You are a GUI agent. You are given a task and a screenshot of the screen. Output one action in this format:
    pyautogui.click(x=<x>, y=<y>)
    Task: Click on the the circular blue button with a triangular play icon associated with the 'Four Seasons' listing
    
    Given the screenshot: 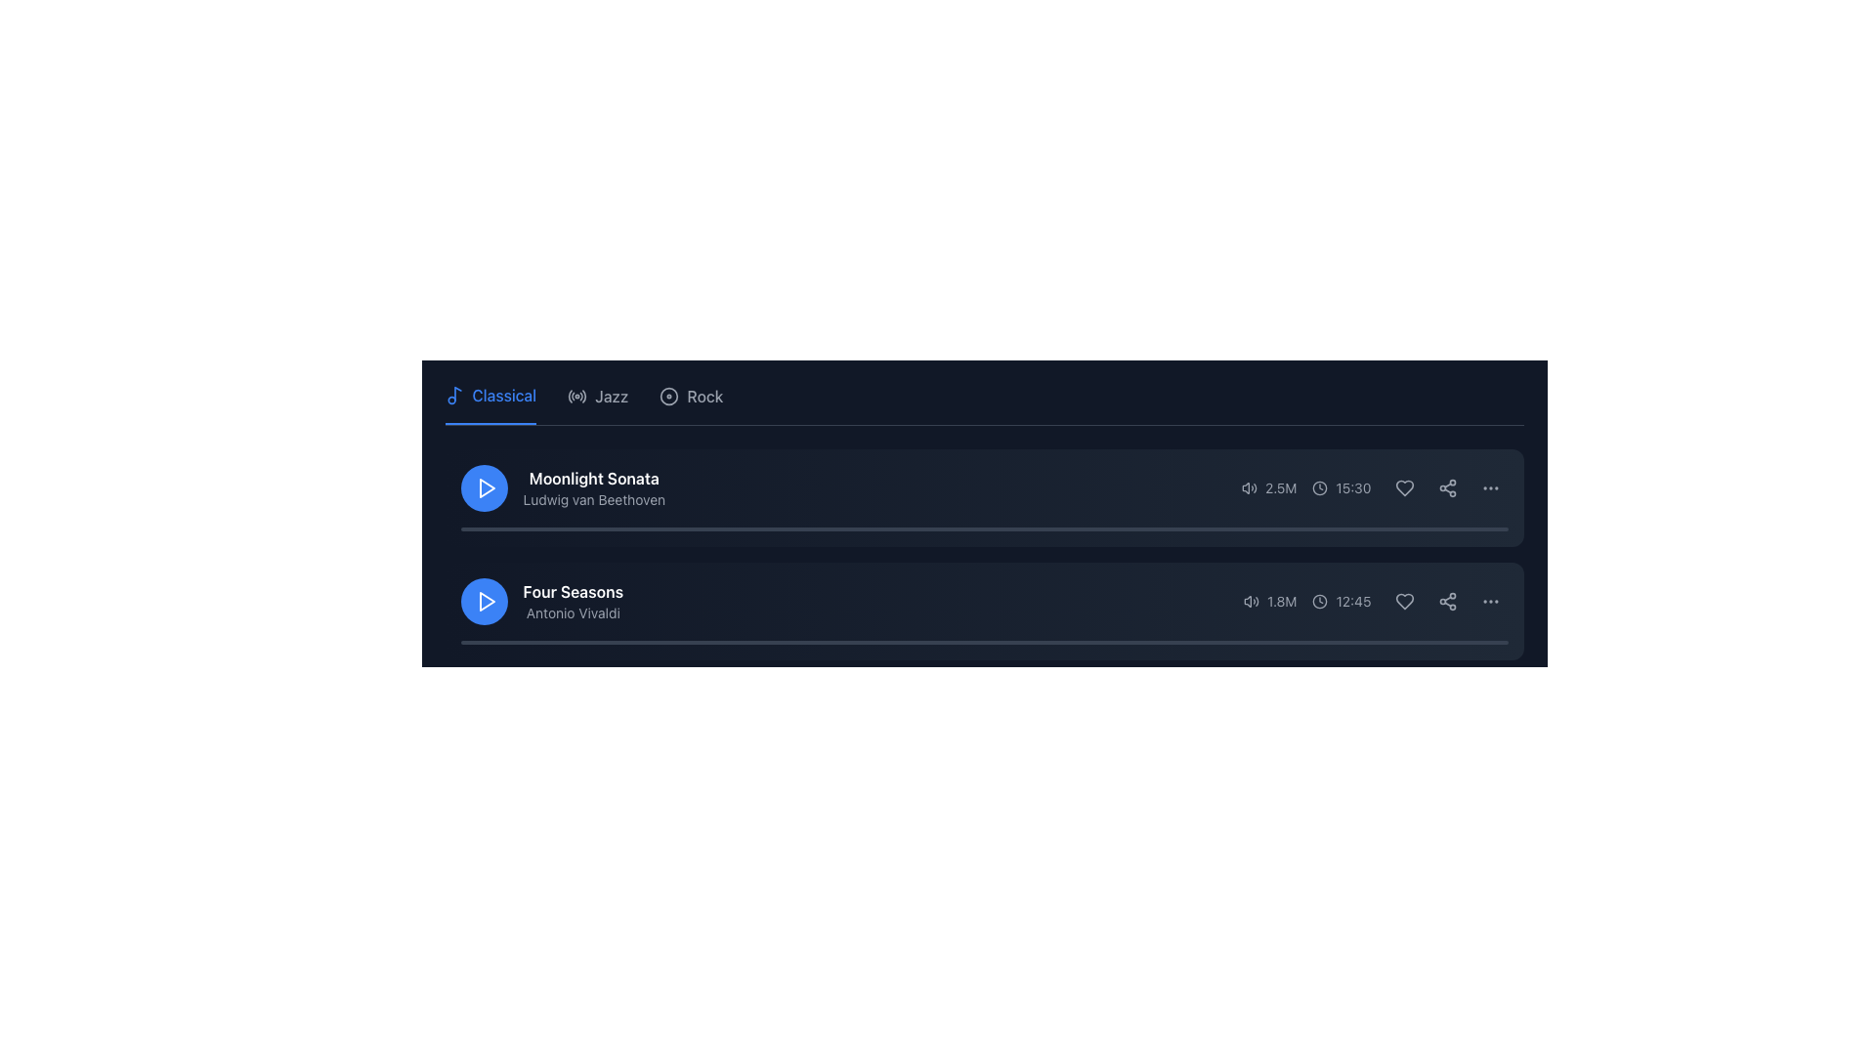 What is the action you would take?
    pyautogui.click(x=484, y=601)
    